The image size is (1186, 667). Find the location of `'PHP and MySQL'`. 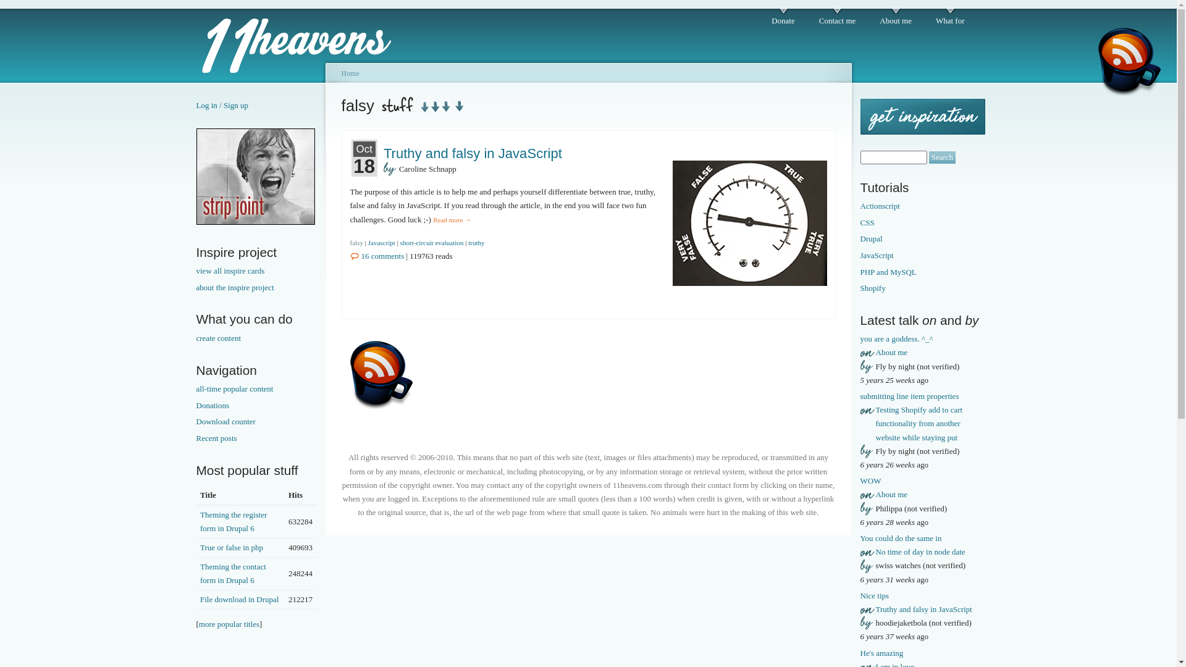

'PHP and MySQL' is located at coordinates (920, 271).